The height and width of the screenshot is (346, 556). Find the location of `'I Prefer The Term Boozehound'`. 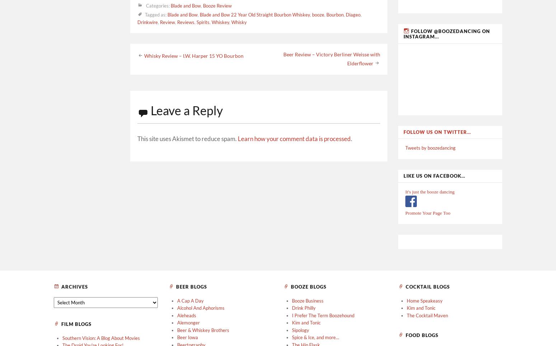

'I Prefer The Term Boozehound' is located at coordinates (323, 315).